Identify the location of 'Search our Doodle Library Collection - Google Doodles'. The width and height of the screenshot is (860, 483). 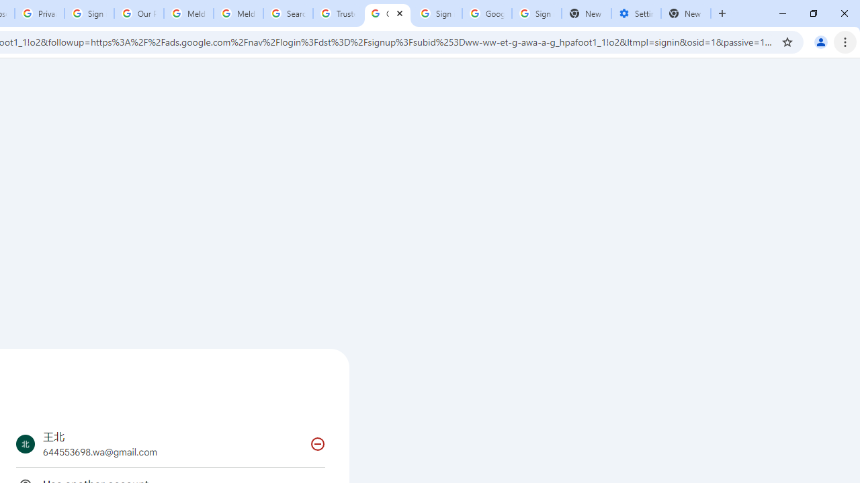
(287, 13).